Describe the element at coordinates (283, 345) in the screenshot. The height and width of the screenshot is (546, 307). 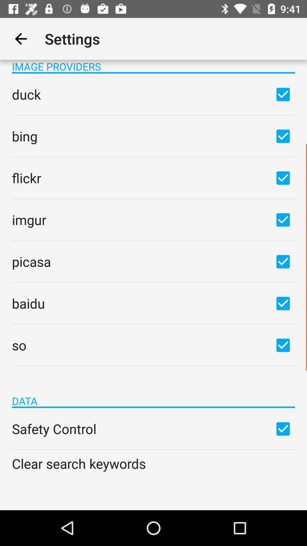
I see `option for so` at that location.